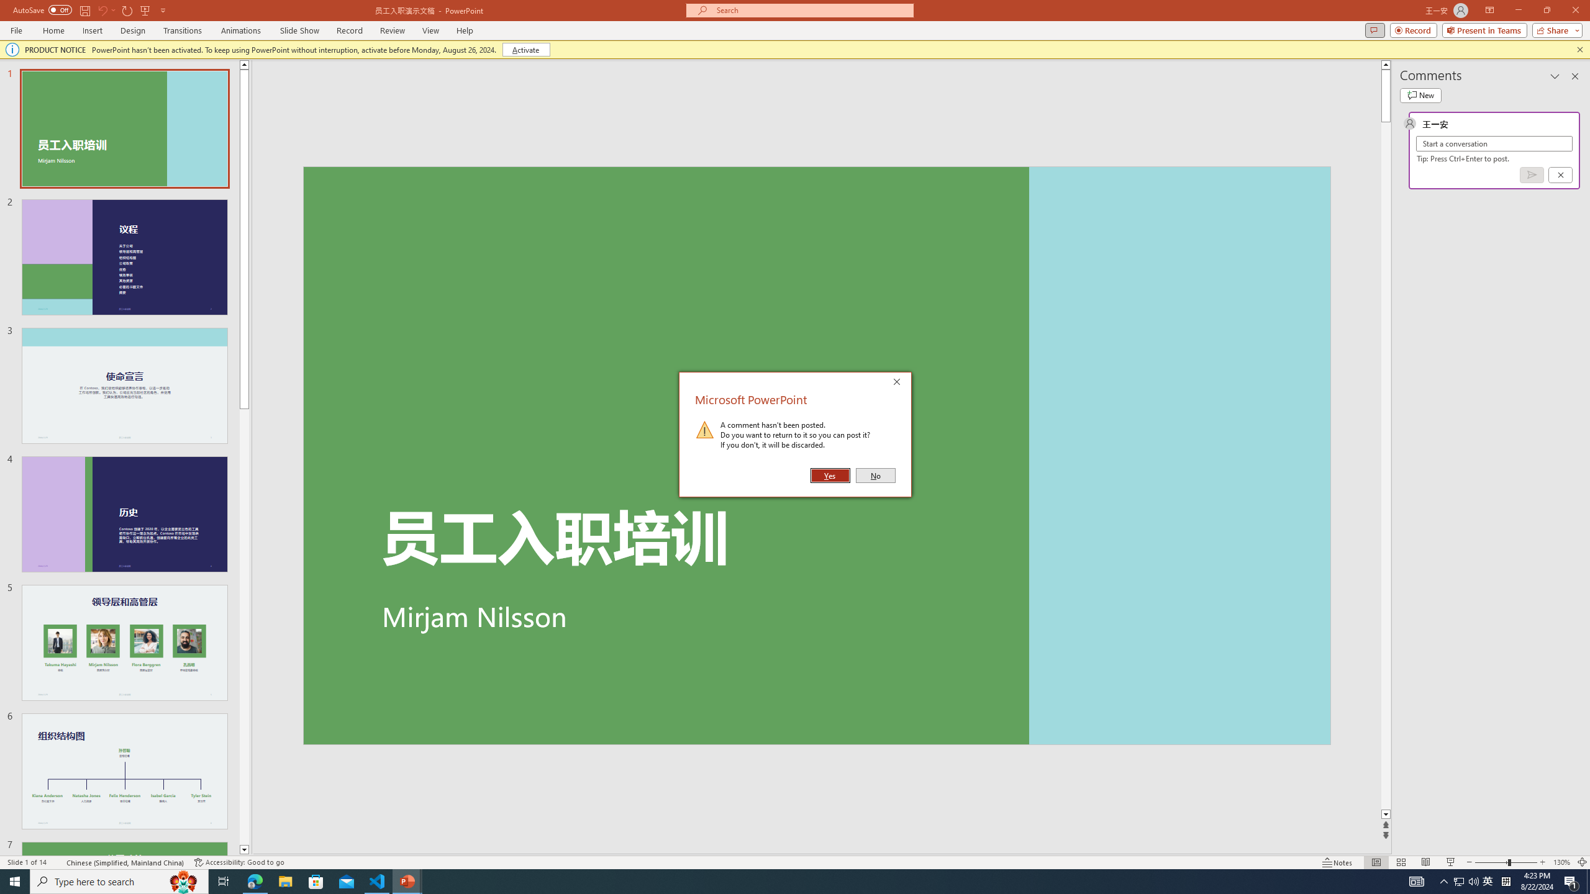 The width and height of the screenshot is (1590, 894). Describe the element at coordinates (875, 475) in the screenshot. I see `'No'` at that location.